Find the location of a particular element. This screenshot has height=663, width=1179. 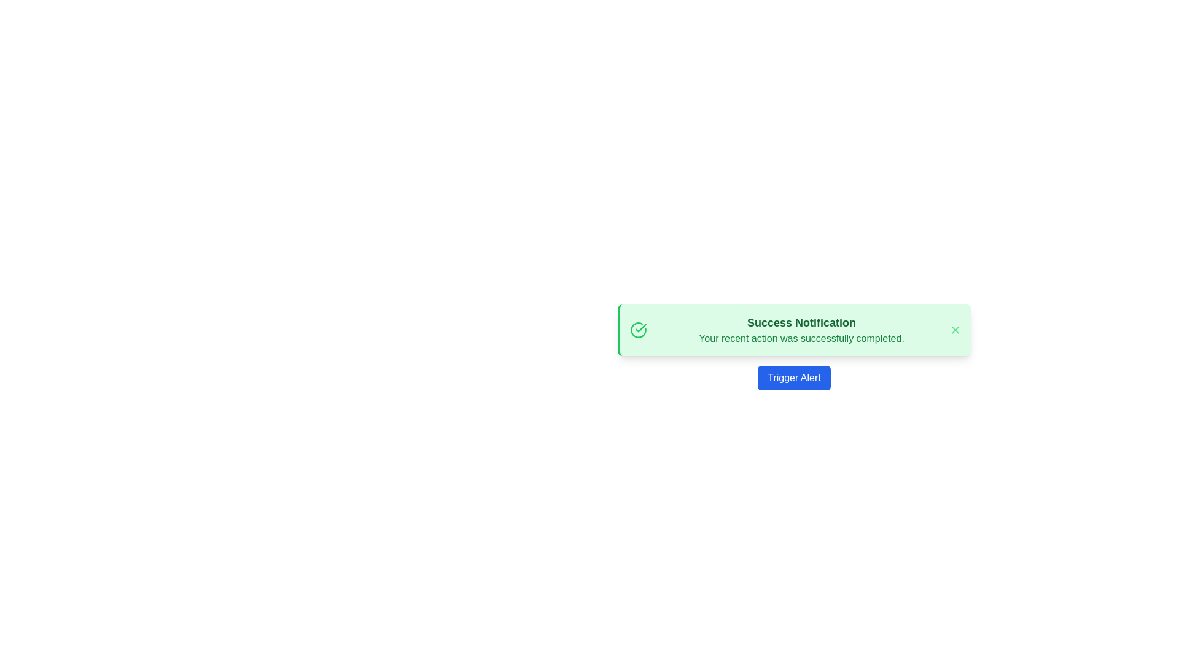

message displayed in green font that states 'Your recent action was successfully completed.' which is located below the 'Success Notification' title in the notification box is located at coordinates (801, 338).